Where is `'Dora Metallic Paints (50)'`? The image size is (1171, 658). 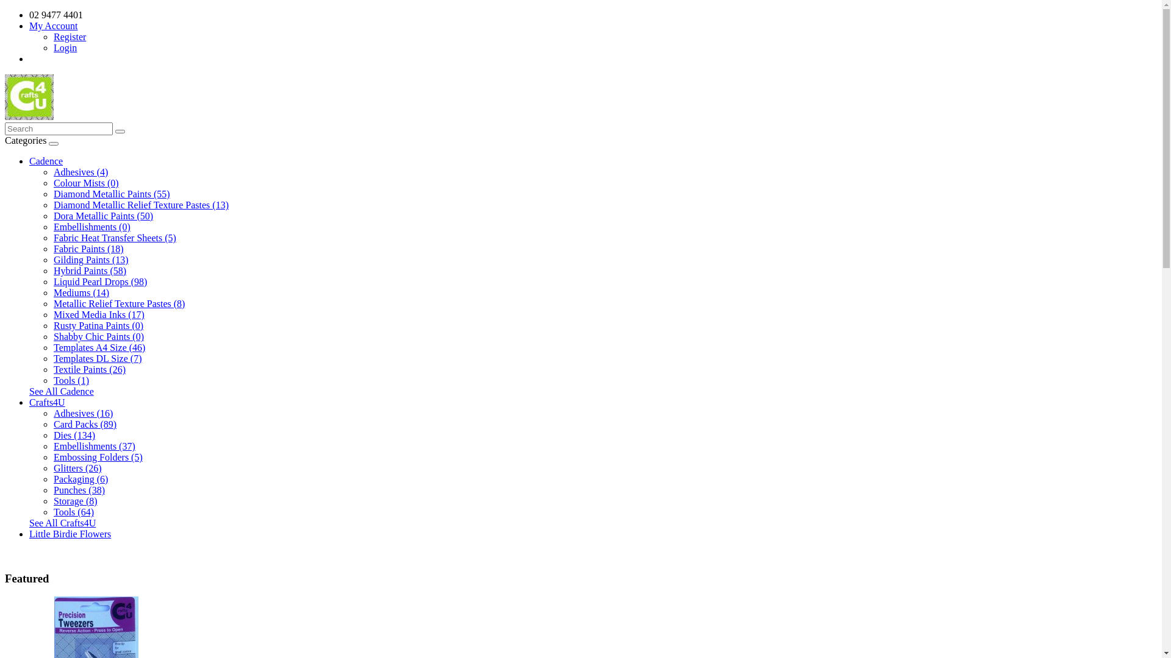 'Dora Metallic Paints (50)' is located at coordinates (103, 215).